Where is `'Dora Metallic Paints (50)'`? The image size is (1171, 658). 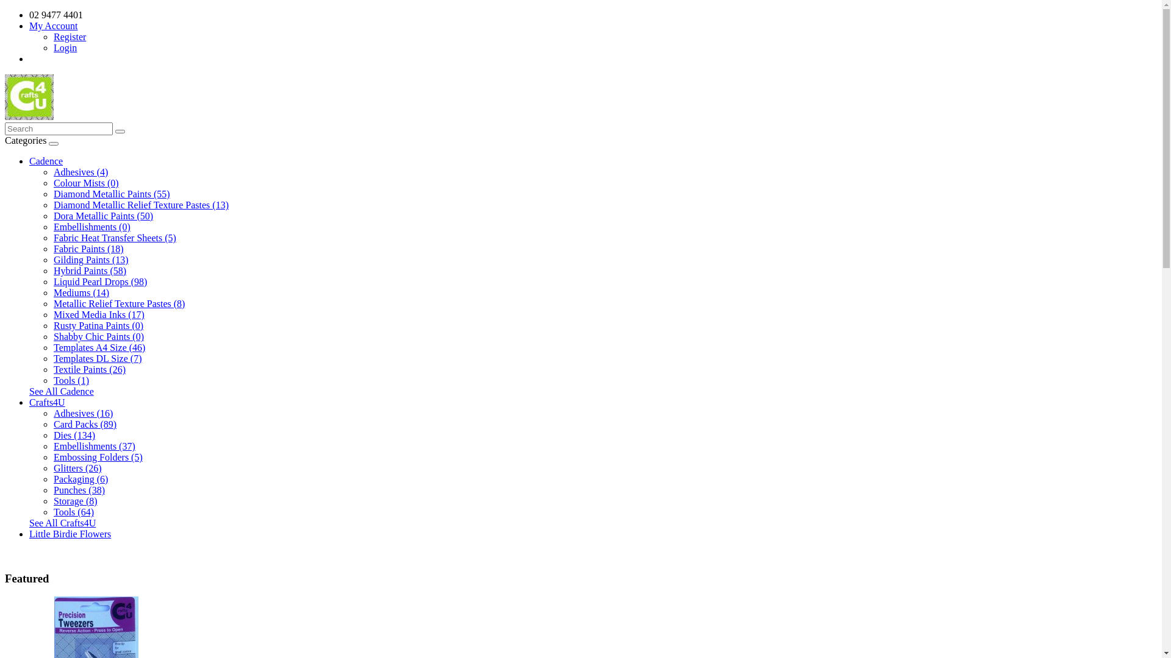 'Dora Metallic Paints (50)' is located at coordinates (103, 215).